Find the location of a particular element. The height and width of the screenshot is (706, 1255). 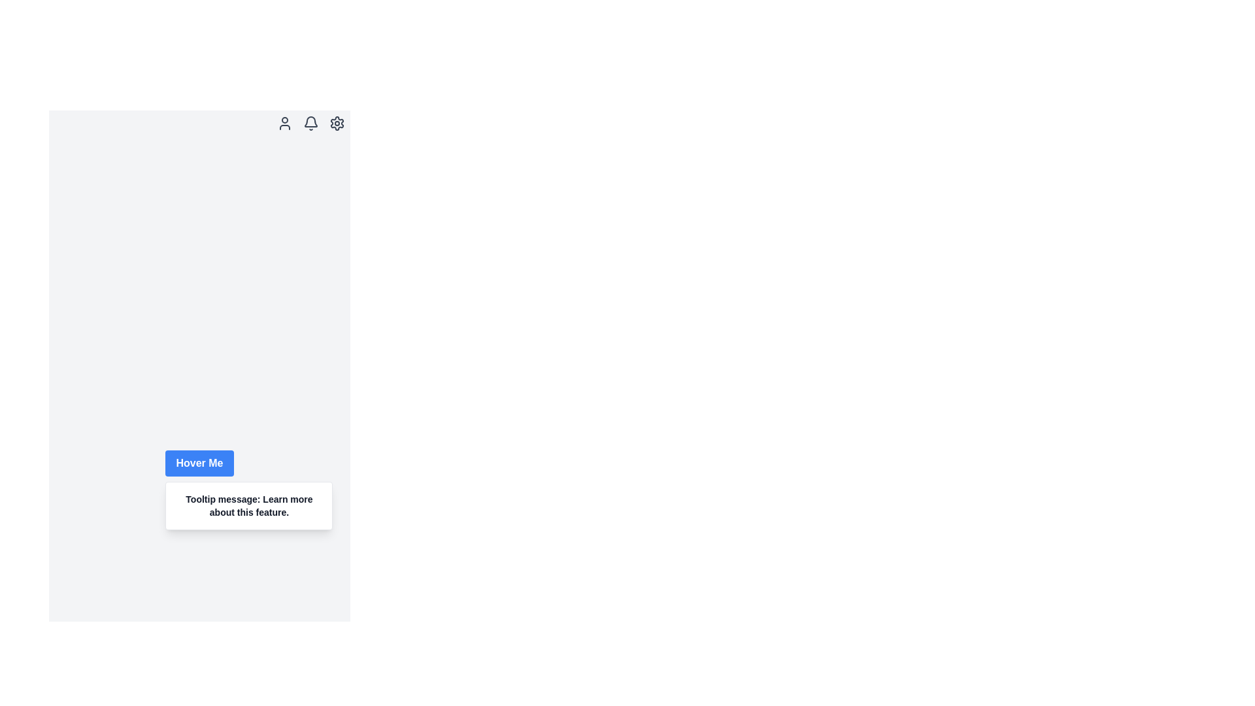

the user profile icon, which is the first icon from the left in a set of three icons located in the top-right corner of the interface is located at coordinates (284, 124).